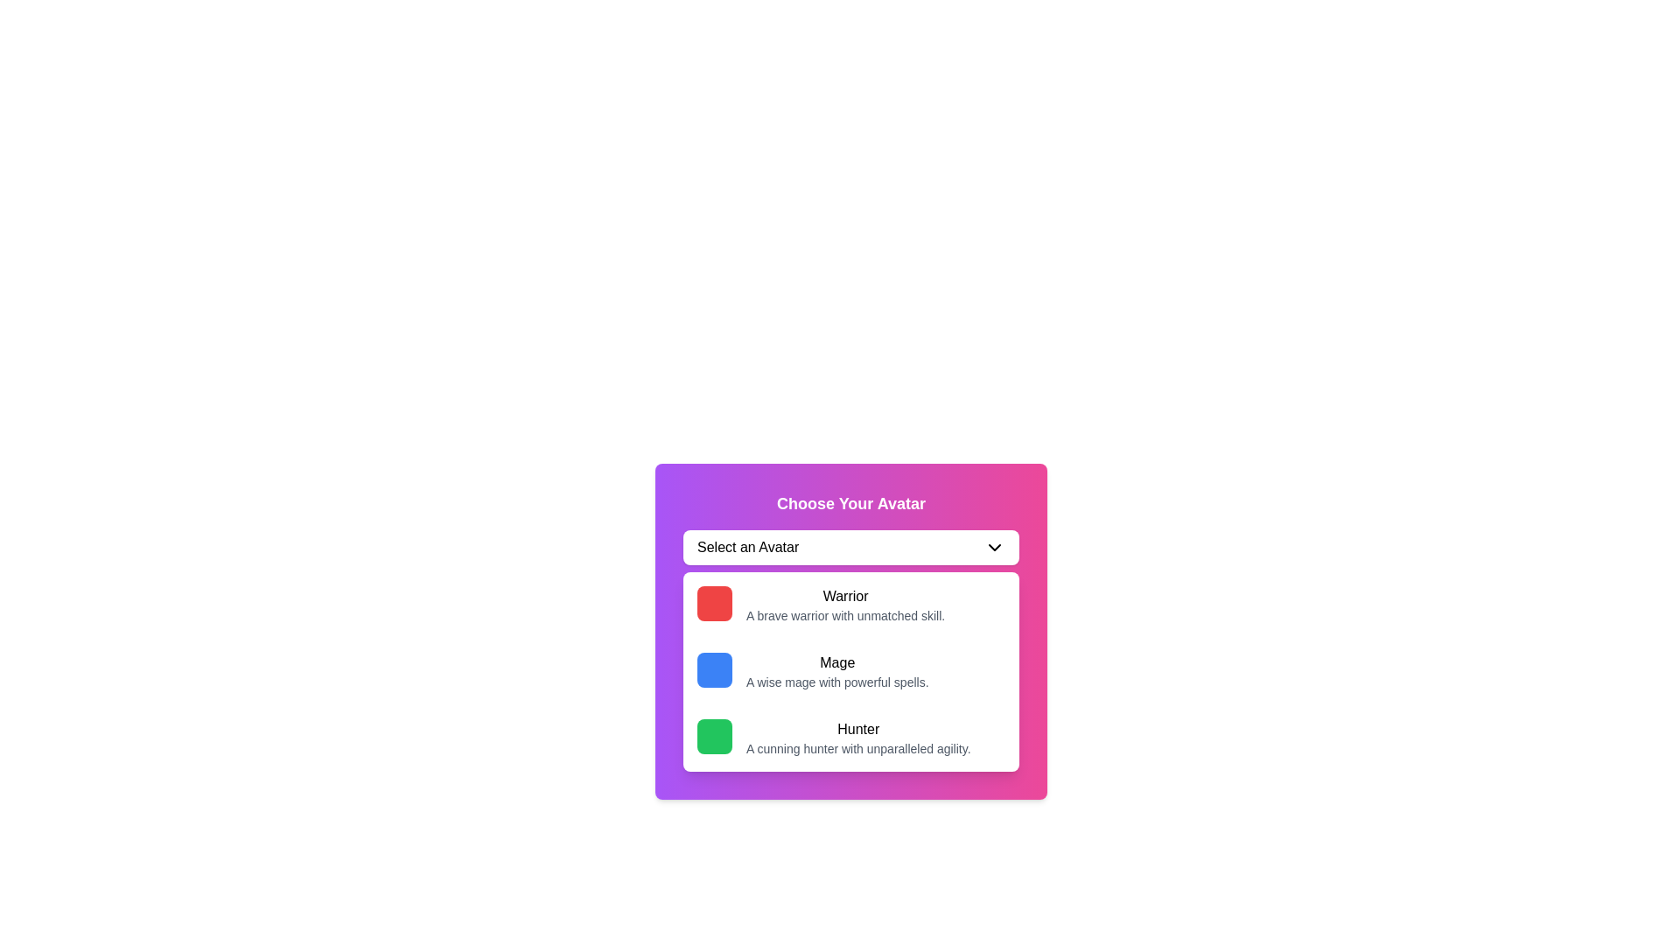 Image resolution: width=1680 pixels, height=945 pixels. I want to click on the small downward-pointing chevron icon styled with a thin, black stroke, located to the right of the 'Select an Avatar' text, so click(995, 546).